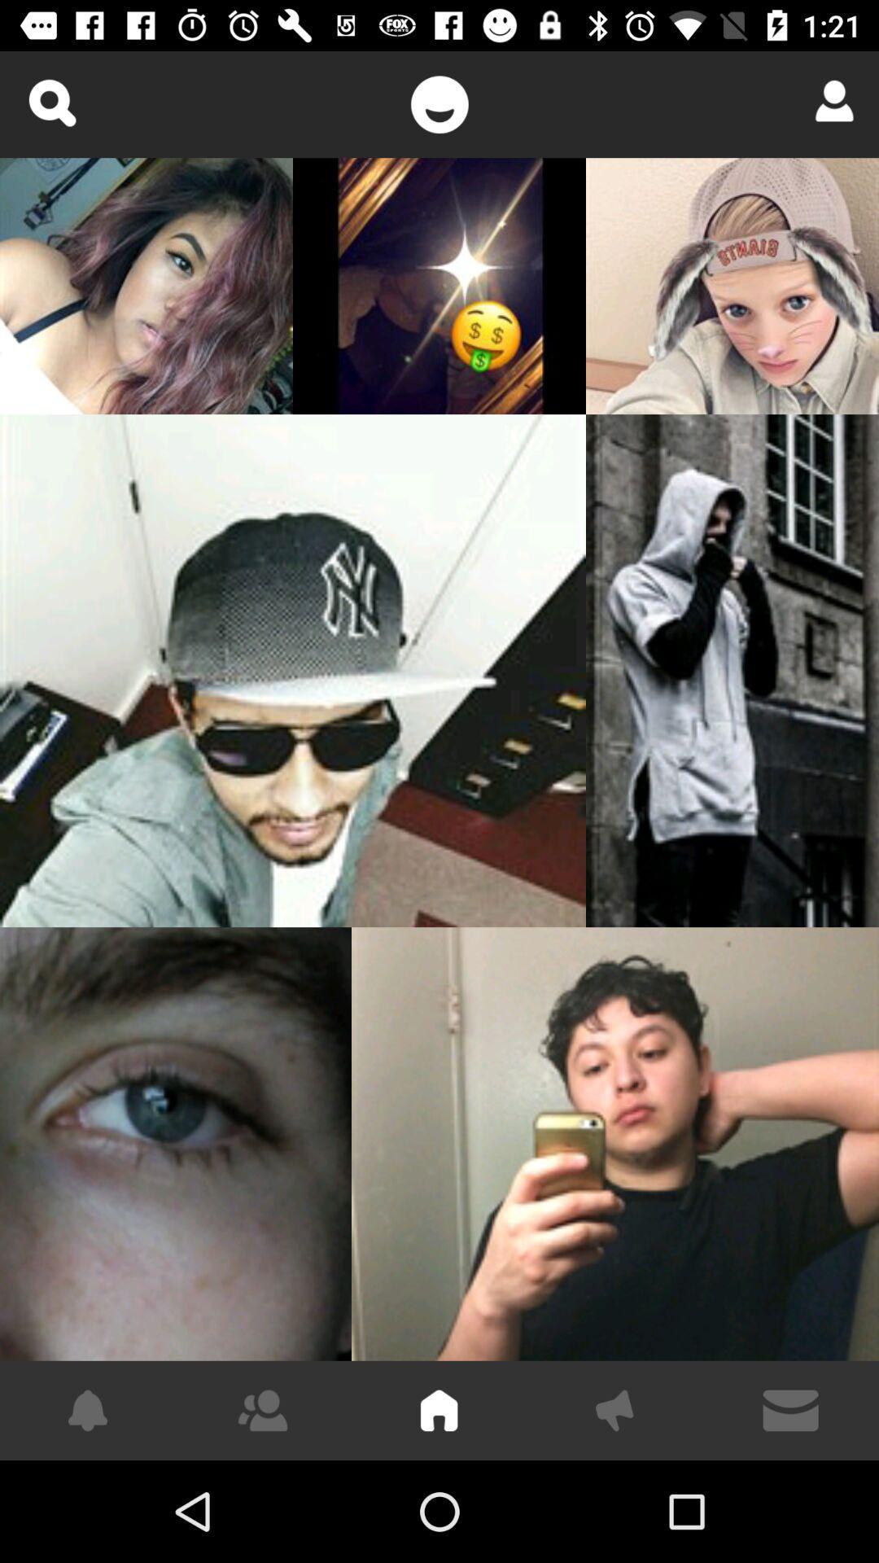 The image size is (879, 1563). I want to click on the item at the center, so click(291, 671).